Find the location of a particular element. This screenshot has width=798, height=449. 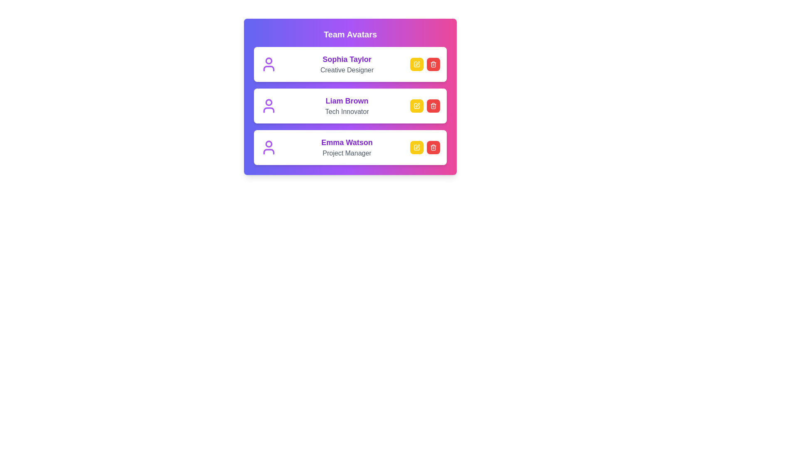

the Profile Card representing the team member's information, located between 'Liam Brown - Tech Innovator' and an empty space in the vertical list is located at coordinates (350, 147).